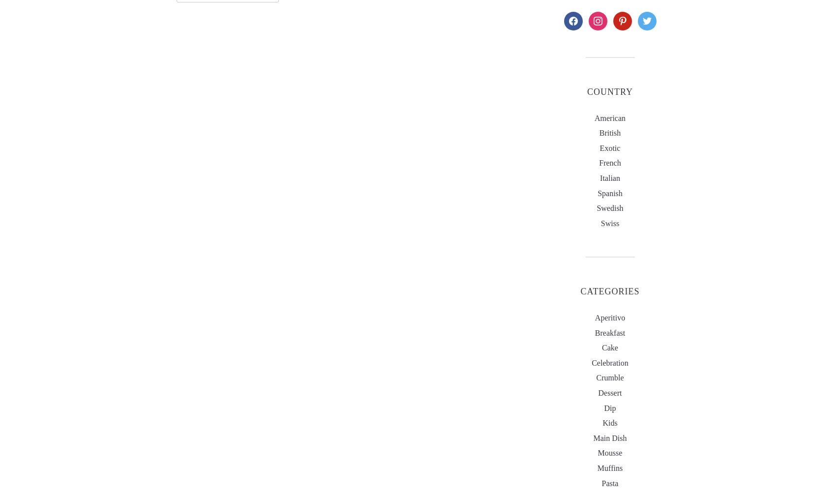 The image size is (839, 492). Describe the element at coordinates (609, 163) in the screenshot. I see `'French'` at that location.